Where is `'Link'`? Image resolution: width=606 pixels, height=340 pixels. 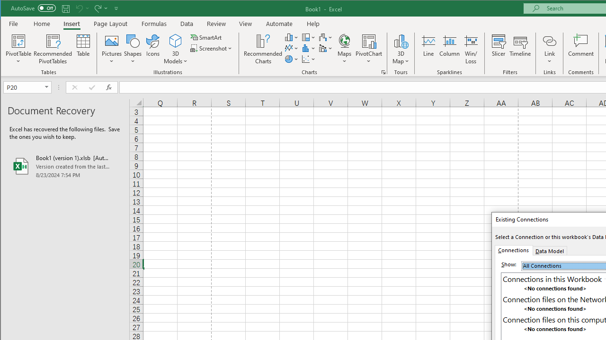 'Link' is located at coordinates (549, 49).